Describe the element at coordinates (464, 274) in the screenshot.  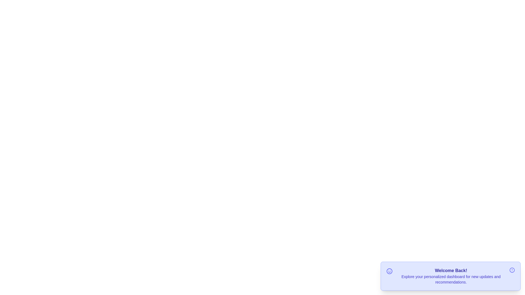
I see `the word 'new' within the notification text` at that location.